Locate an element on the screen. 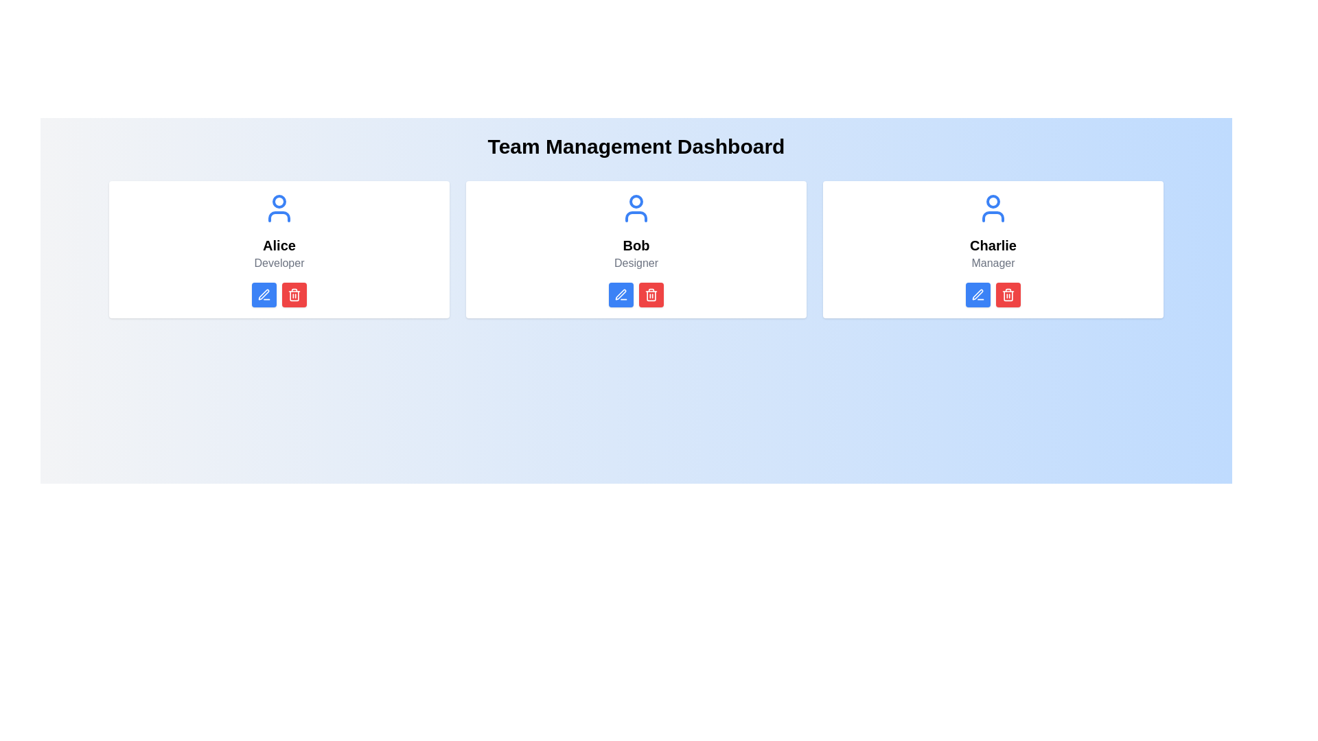 This screenshot has height=741, width=1318. the delete button located beneath the profile card labeled 'Charlie', which is the second button to the right in the group of two buttons is located at coordinates (1008, 294).